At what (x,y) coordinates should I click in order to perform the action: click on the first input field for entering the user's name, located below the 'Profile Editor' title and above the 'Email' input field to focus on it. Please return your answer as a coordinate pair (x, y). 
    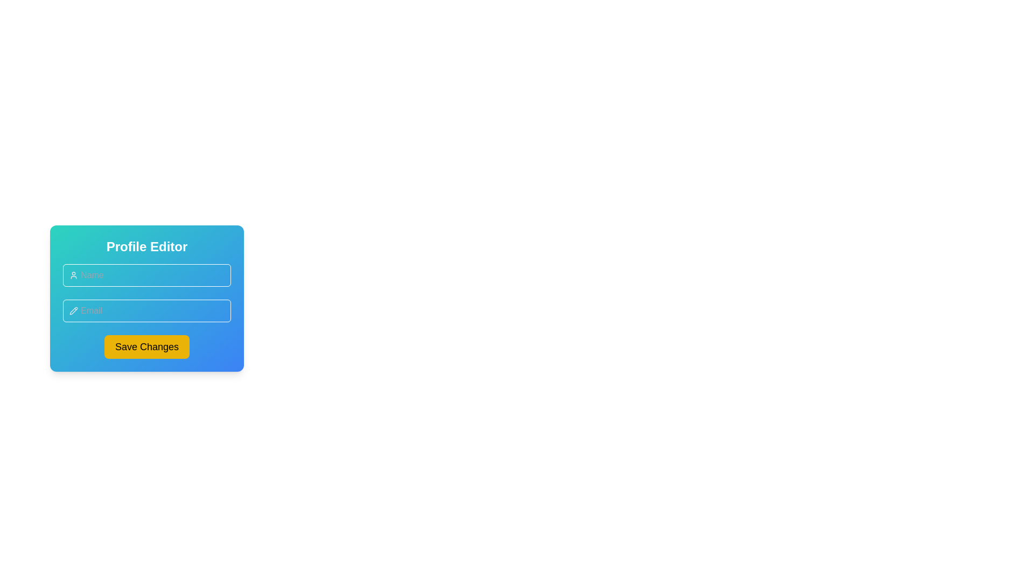
    Looking at the image, I should click on (146, 275).